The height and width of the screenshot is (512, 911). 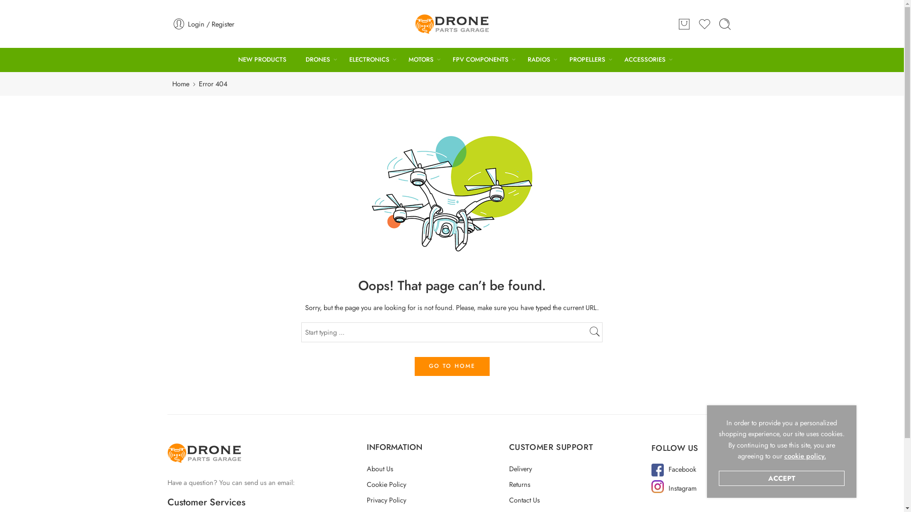 I want to click on 'Search', so click(x=718, y=23).